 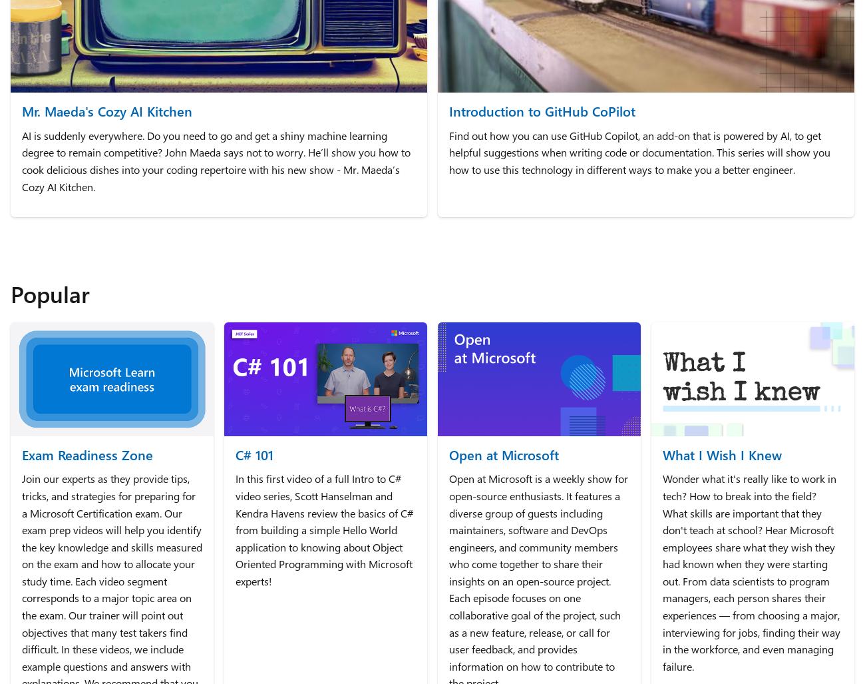 What do you see at coordinates (106, 111) in the screenshot?
I see `'Mr. Maeda's Cozy AI Kitchen'` at bounding box center [106, 111].